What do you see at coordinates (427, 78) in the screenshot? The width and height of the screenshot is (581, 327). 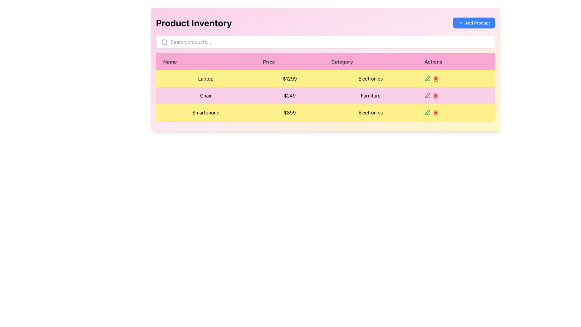 I see `the green pen icon in the 'Actions' column of the second row` at bounding box center [427, 78].